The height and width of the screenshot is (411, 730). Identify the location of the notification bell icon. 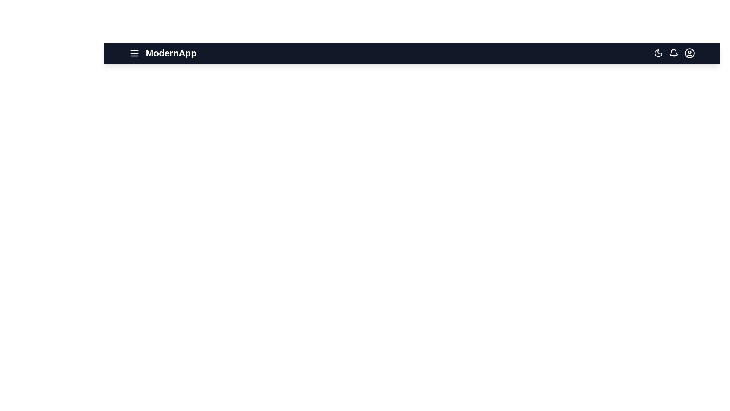
(673, 53).